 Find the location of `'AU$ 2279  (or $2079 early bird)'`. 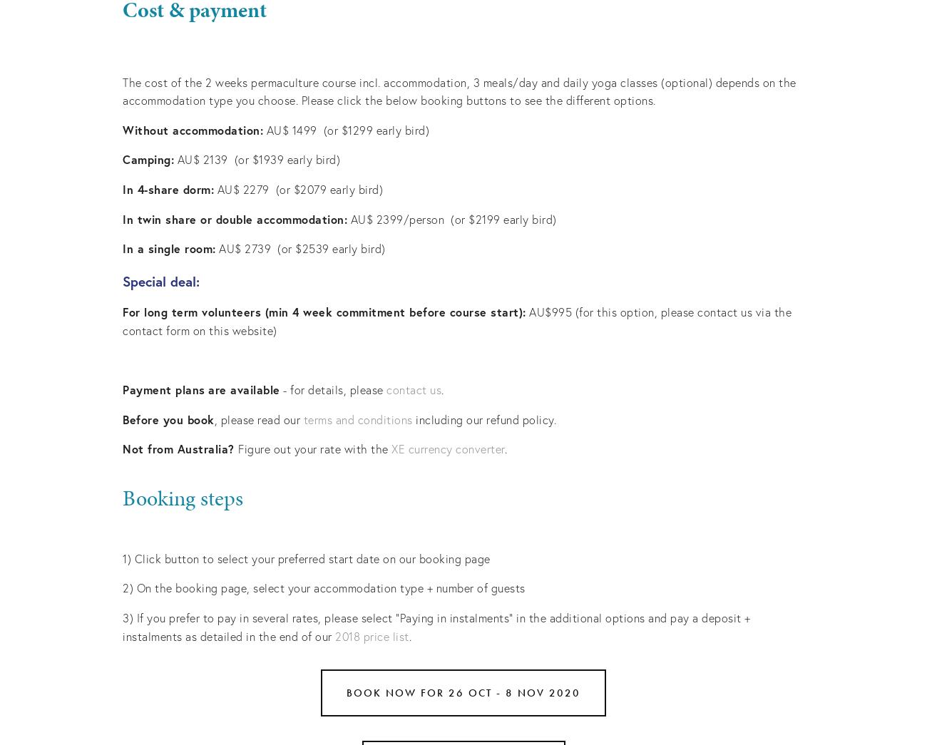

'AU$ 2279  (or $2079 early bird)' is located at coordinates (214, 188).